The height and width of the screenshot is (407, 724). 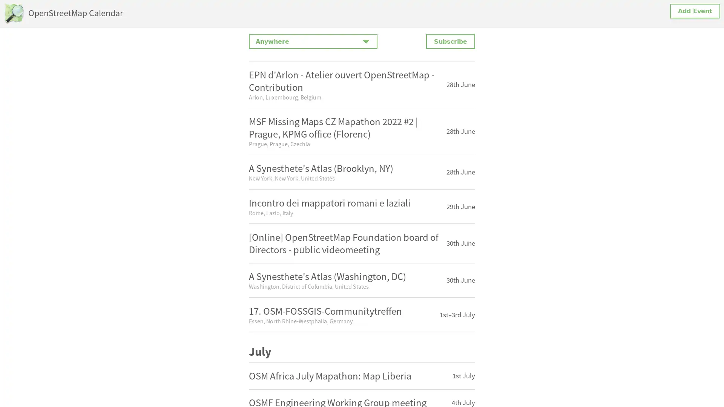 I want to click on Subscribe, so click(x=450, y=41).